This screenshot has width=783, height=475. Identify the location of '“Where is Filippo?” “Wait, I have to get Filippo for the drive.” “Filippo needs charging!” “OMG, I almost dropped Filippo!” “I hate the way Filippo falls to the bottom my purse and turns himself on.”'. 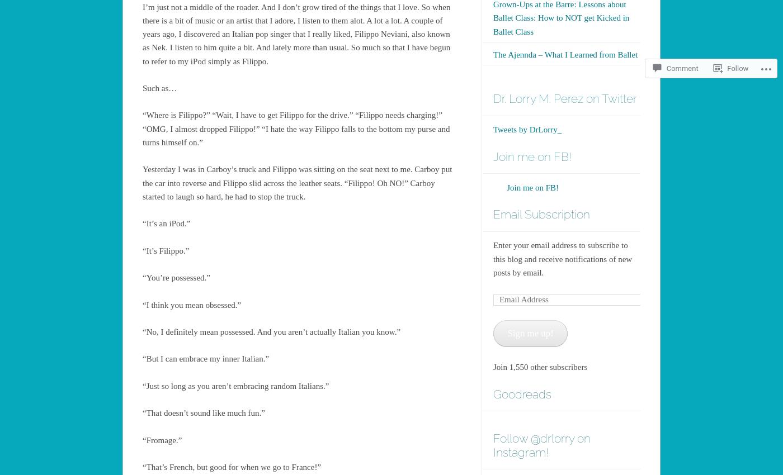
(296, 129).